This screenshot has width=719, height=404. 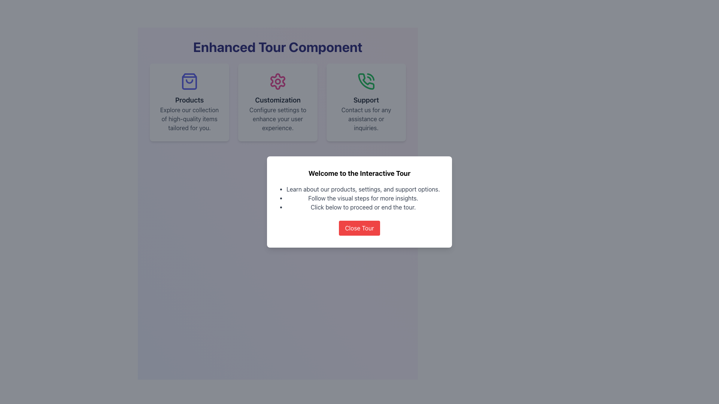 What do you see at coordinates (277, 82) in the screenshot?
I see `the small solid circle inside the gear-like customization icon, which is styled in pink and positioned at the center of the icon` at bounding box center [277, 82].